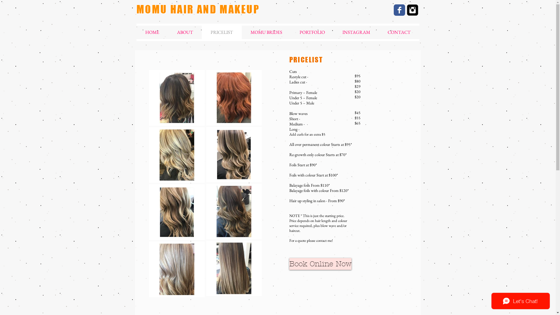 The image size is (560, 315). What do you see at coordinates (398, 32) in the screenshot?
I see `'CONTACT'` at bounding box center [398, 32].